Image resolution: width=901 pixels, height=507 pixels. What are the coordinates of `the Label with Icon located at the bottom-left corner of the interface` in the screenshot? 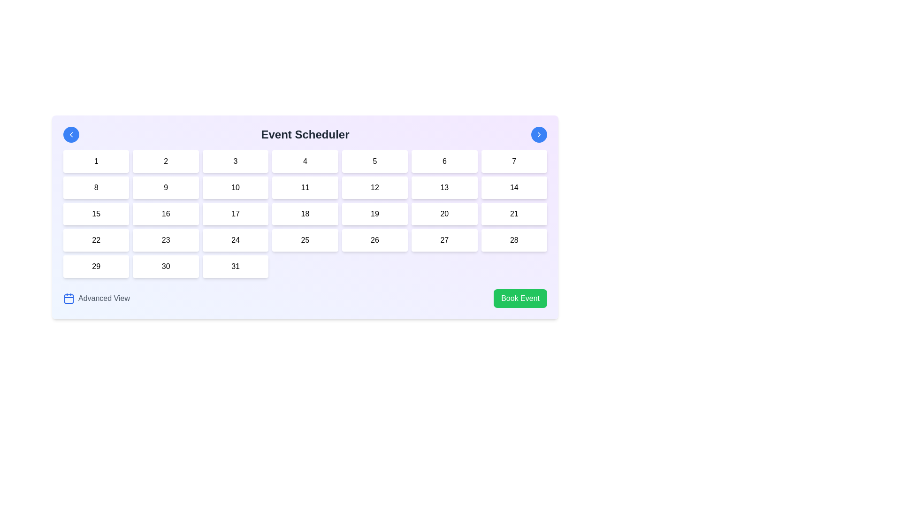 It's located at (97, 299).